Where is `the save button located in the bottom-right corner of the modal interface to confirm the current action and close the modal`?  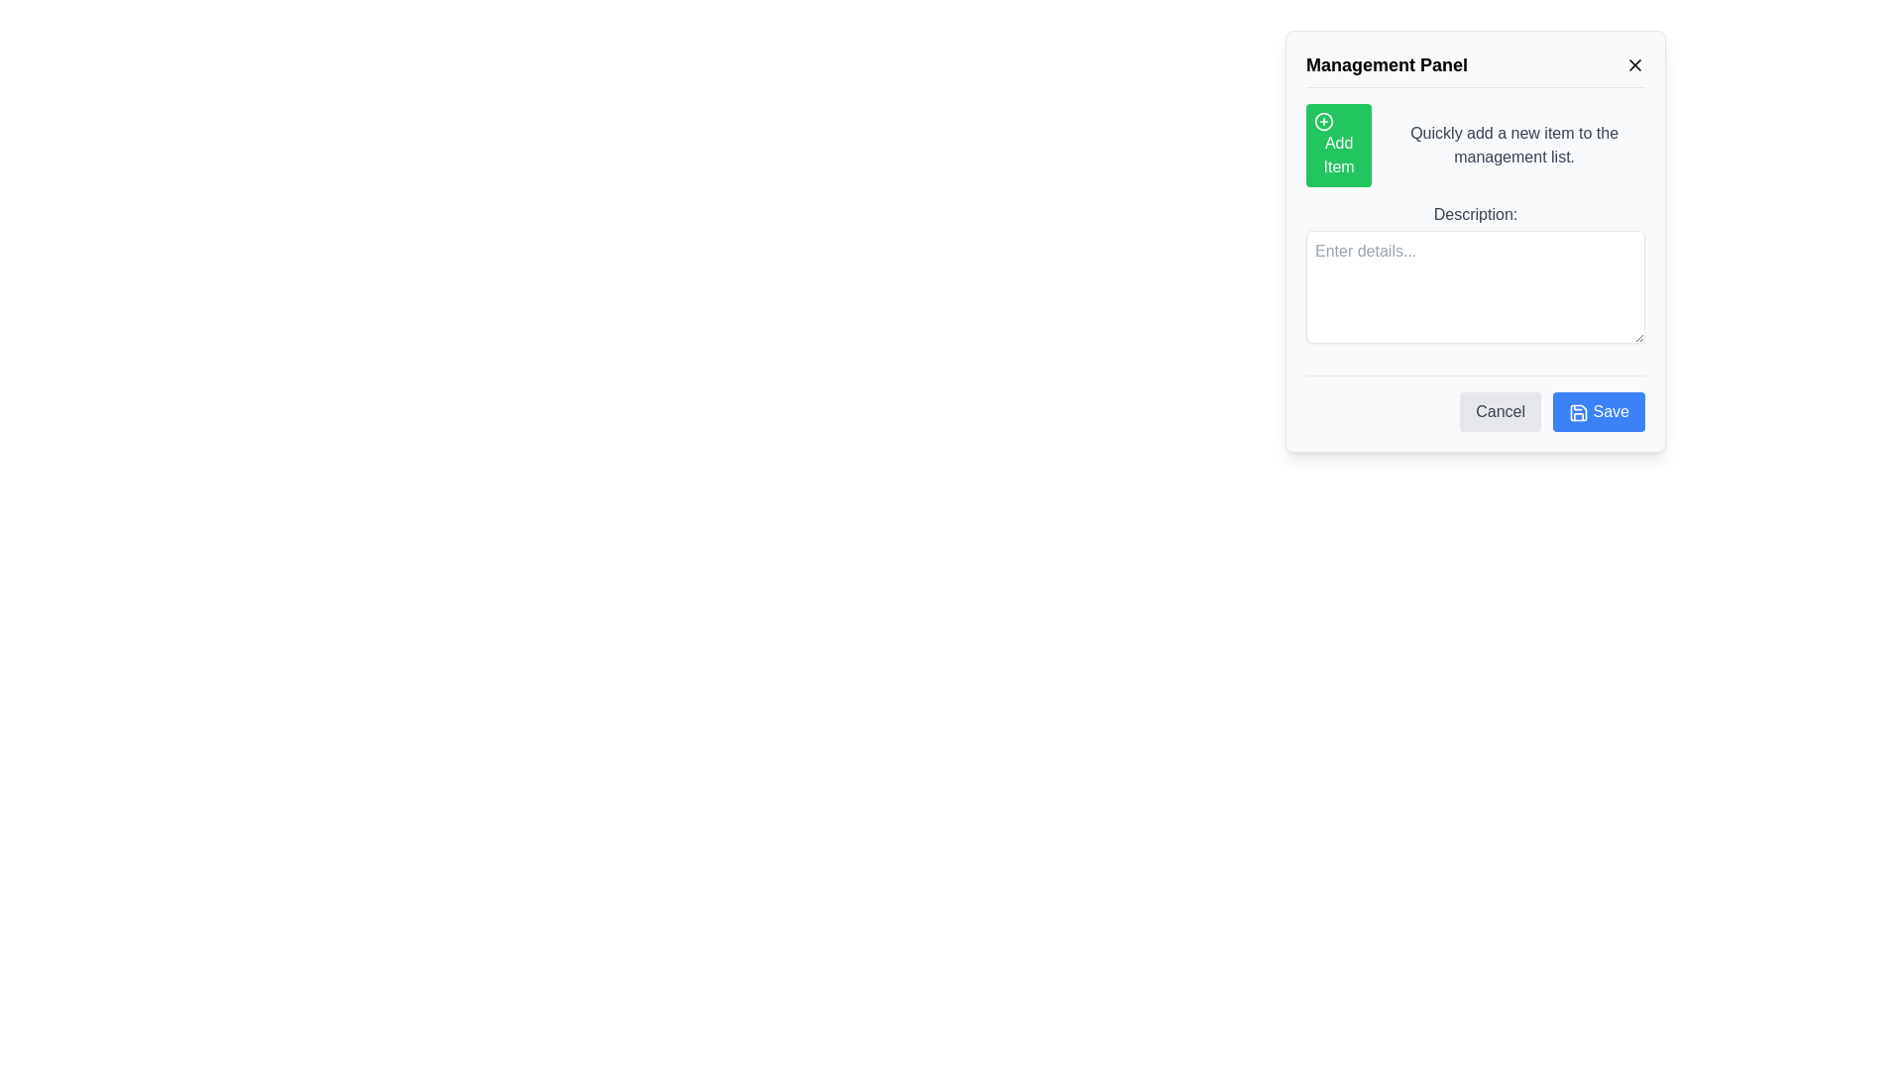 the save button located in the bottom-right corner of the modal interface to confirm the current action and close the modal is located at coordinates (1599, 411).